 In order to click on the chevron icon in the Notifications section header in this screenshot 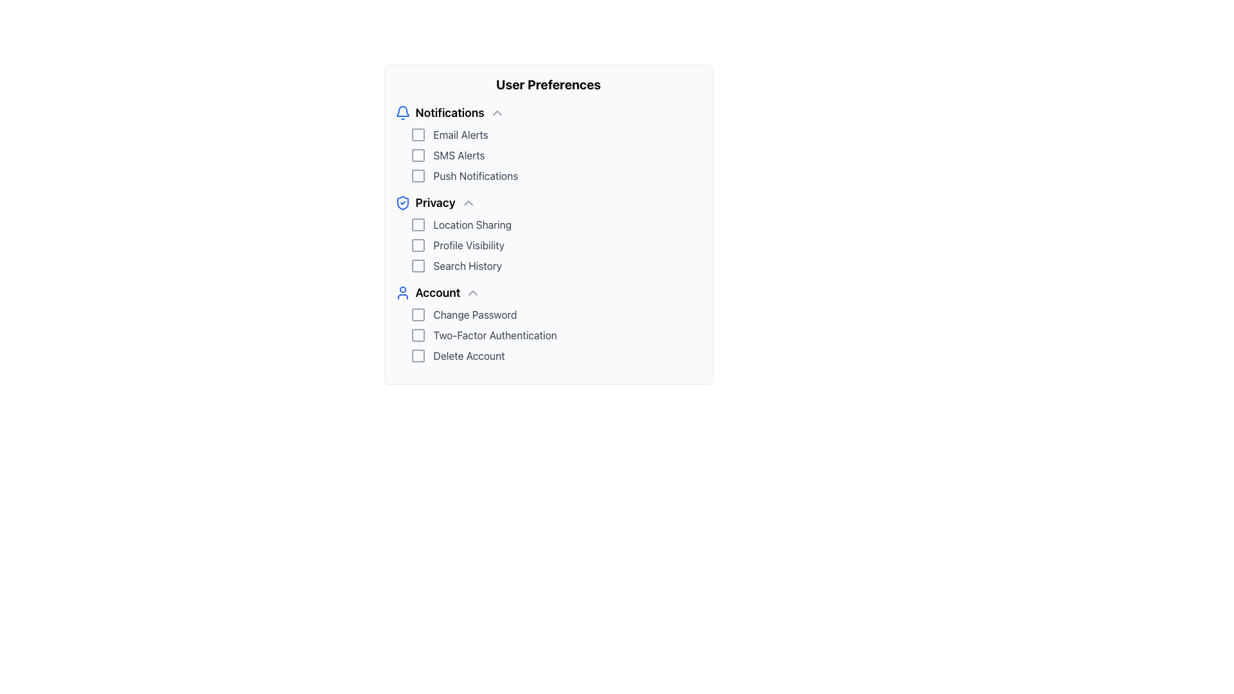, I will do `click(496, 112)`.